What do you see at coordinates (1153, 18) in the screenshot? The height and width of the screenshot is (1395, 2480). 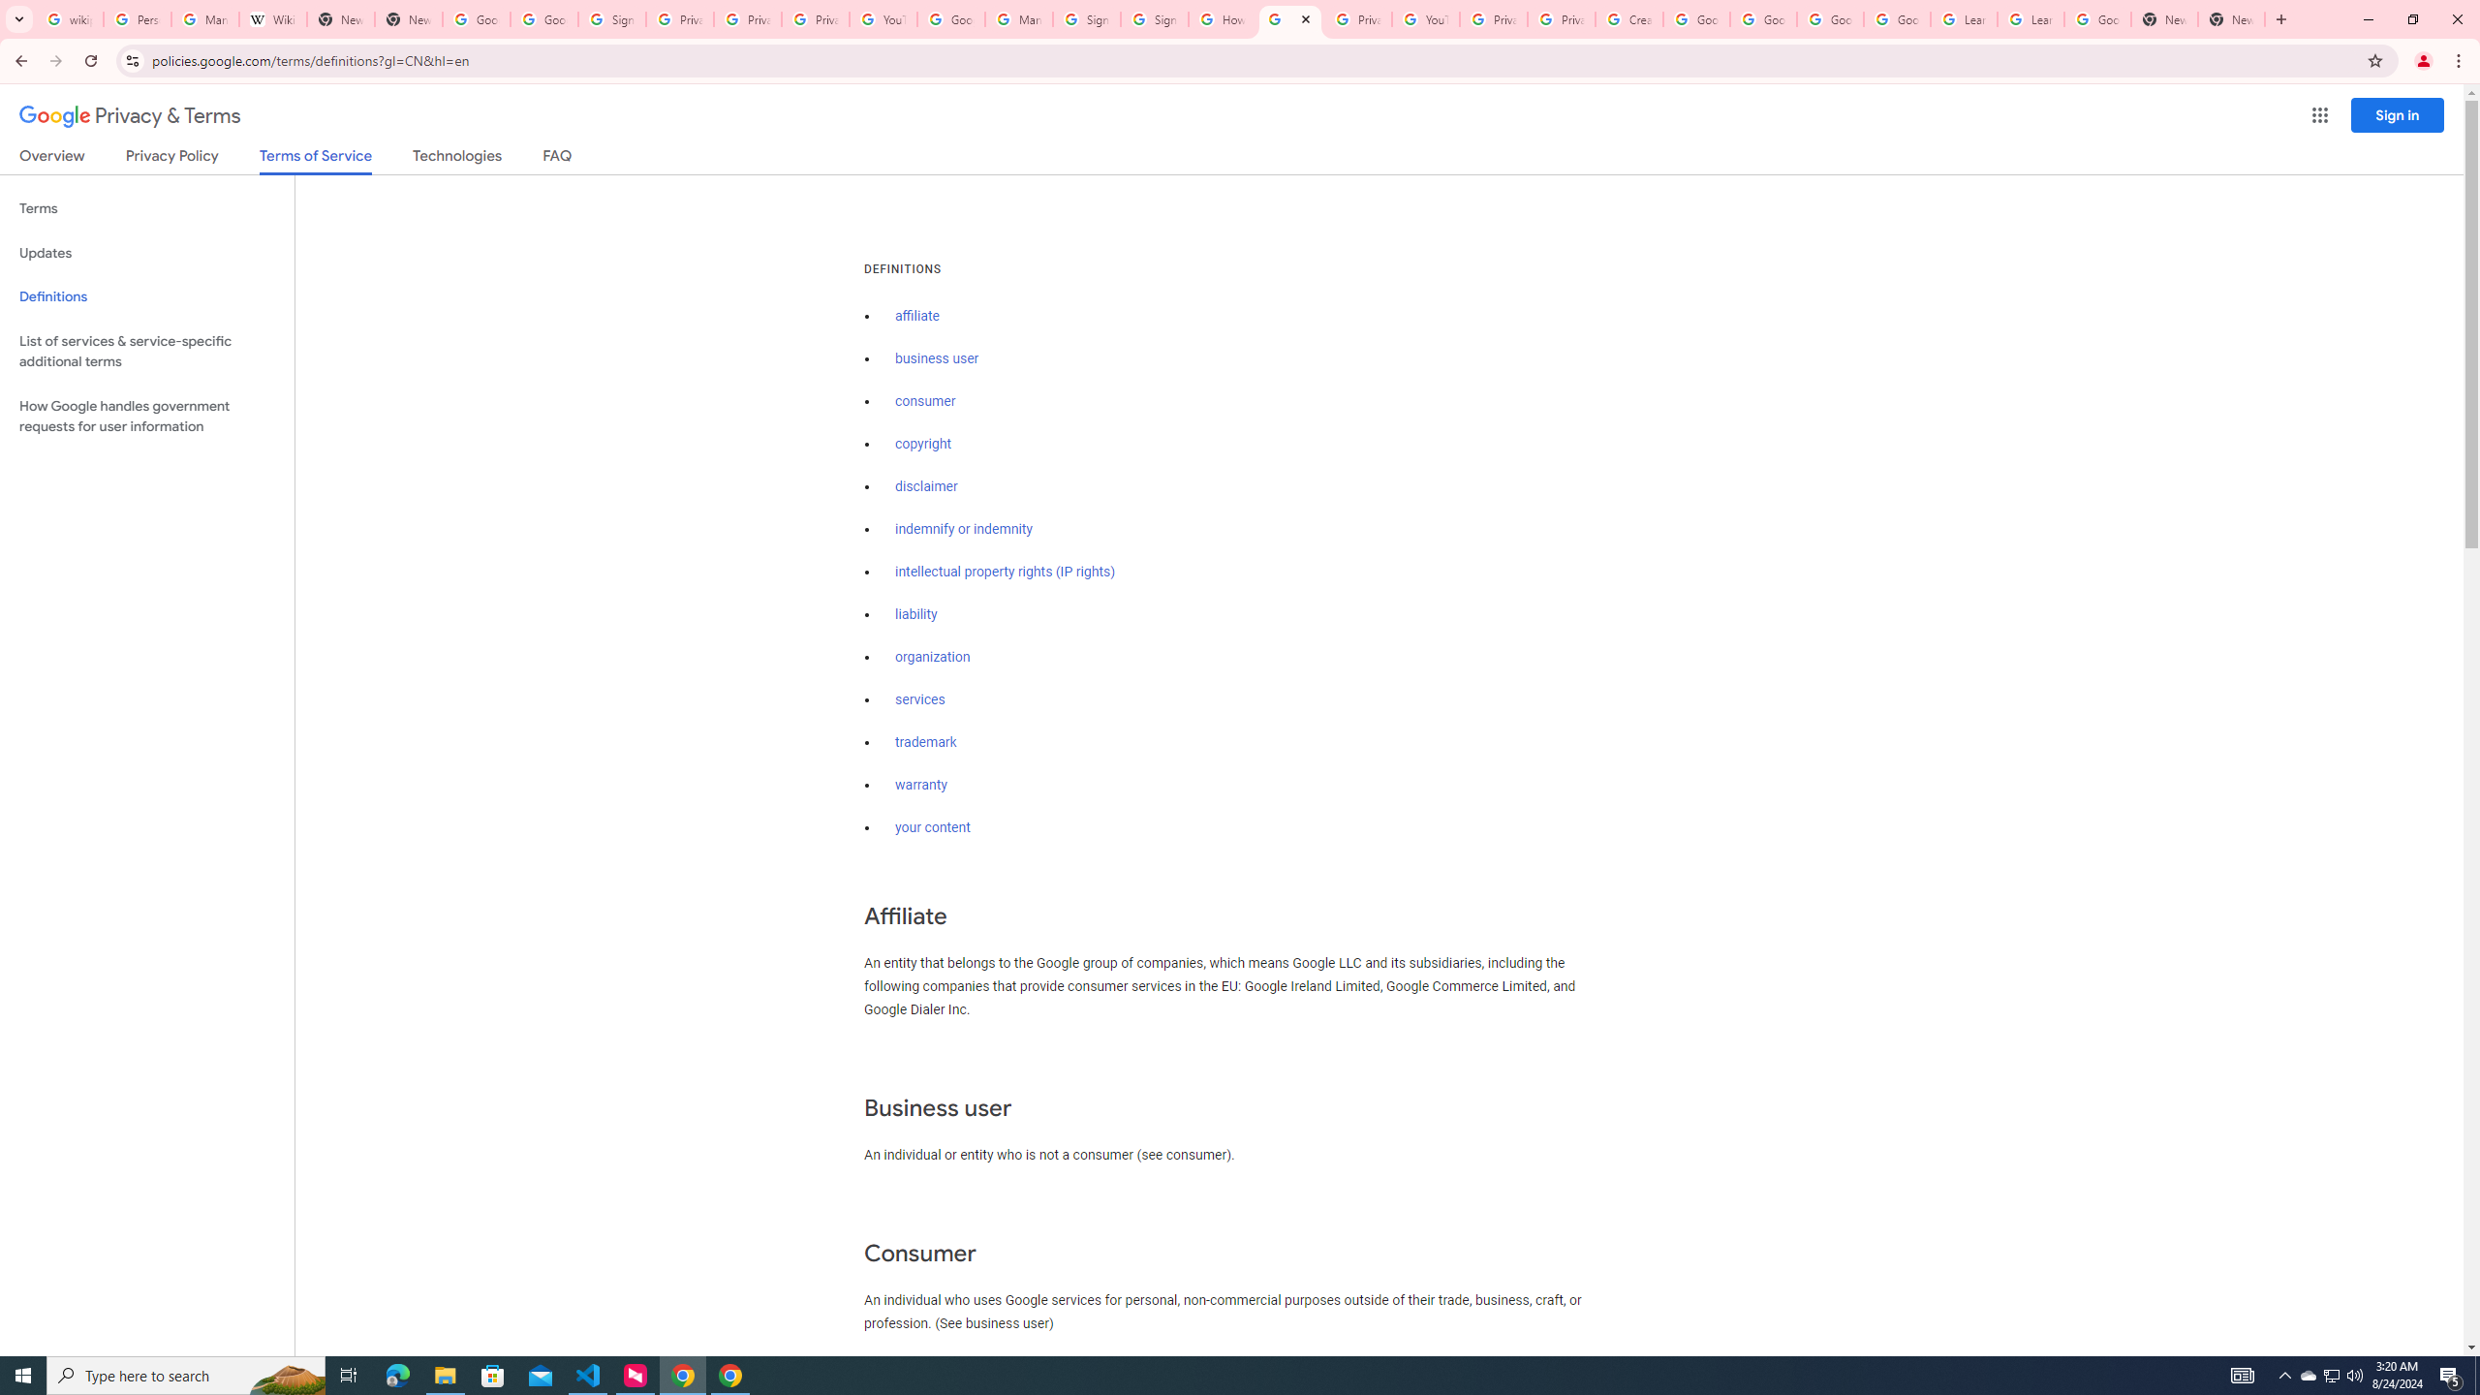 I see `'Sign in - Google Accounts'` at bounding box center [1153, 18].